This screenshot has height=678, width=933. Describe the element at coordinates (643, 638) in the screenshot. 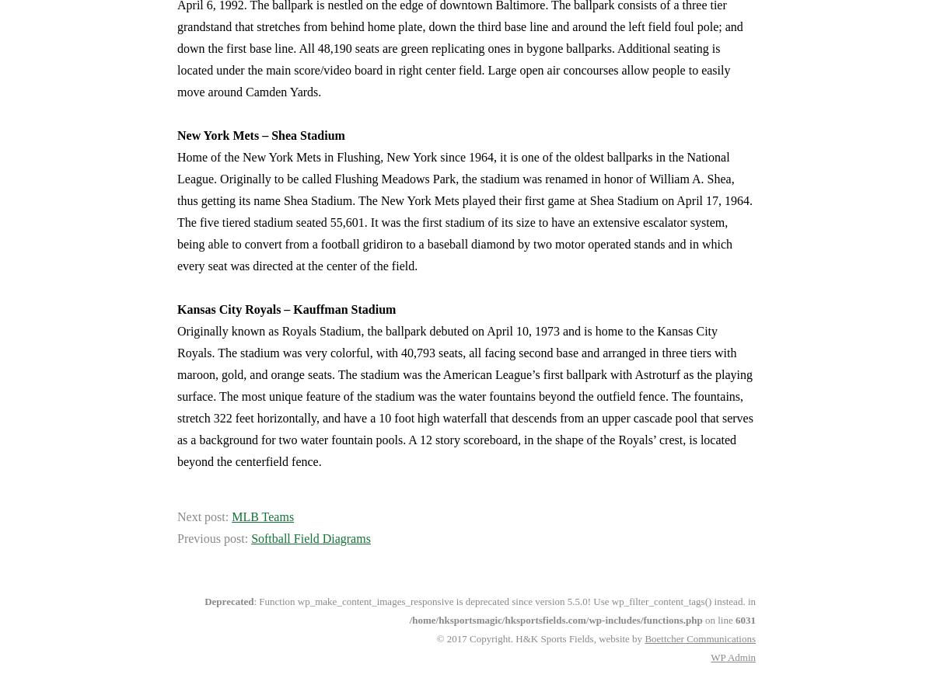

I see `'Boettcher Communications'` at that location.